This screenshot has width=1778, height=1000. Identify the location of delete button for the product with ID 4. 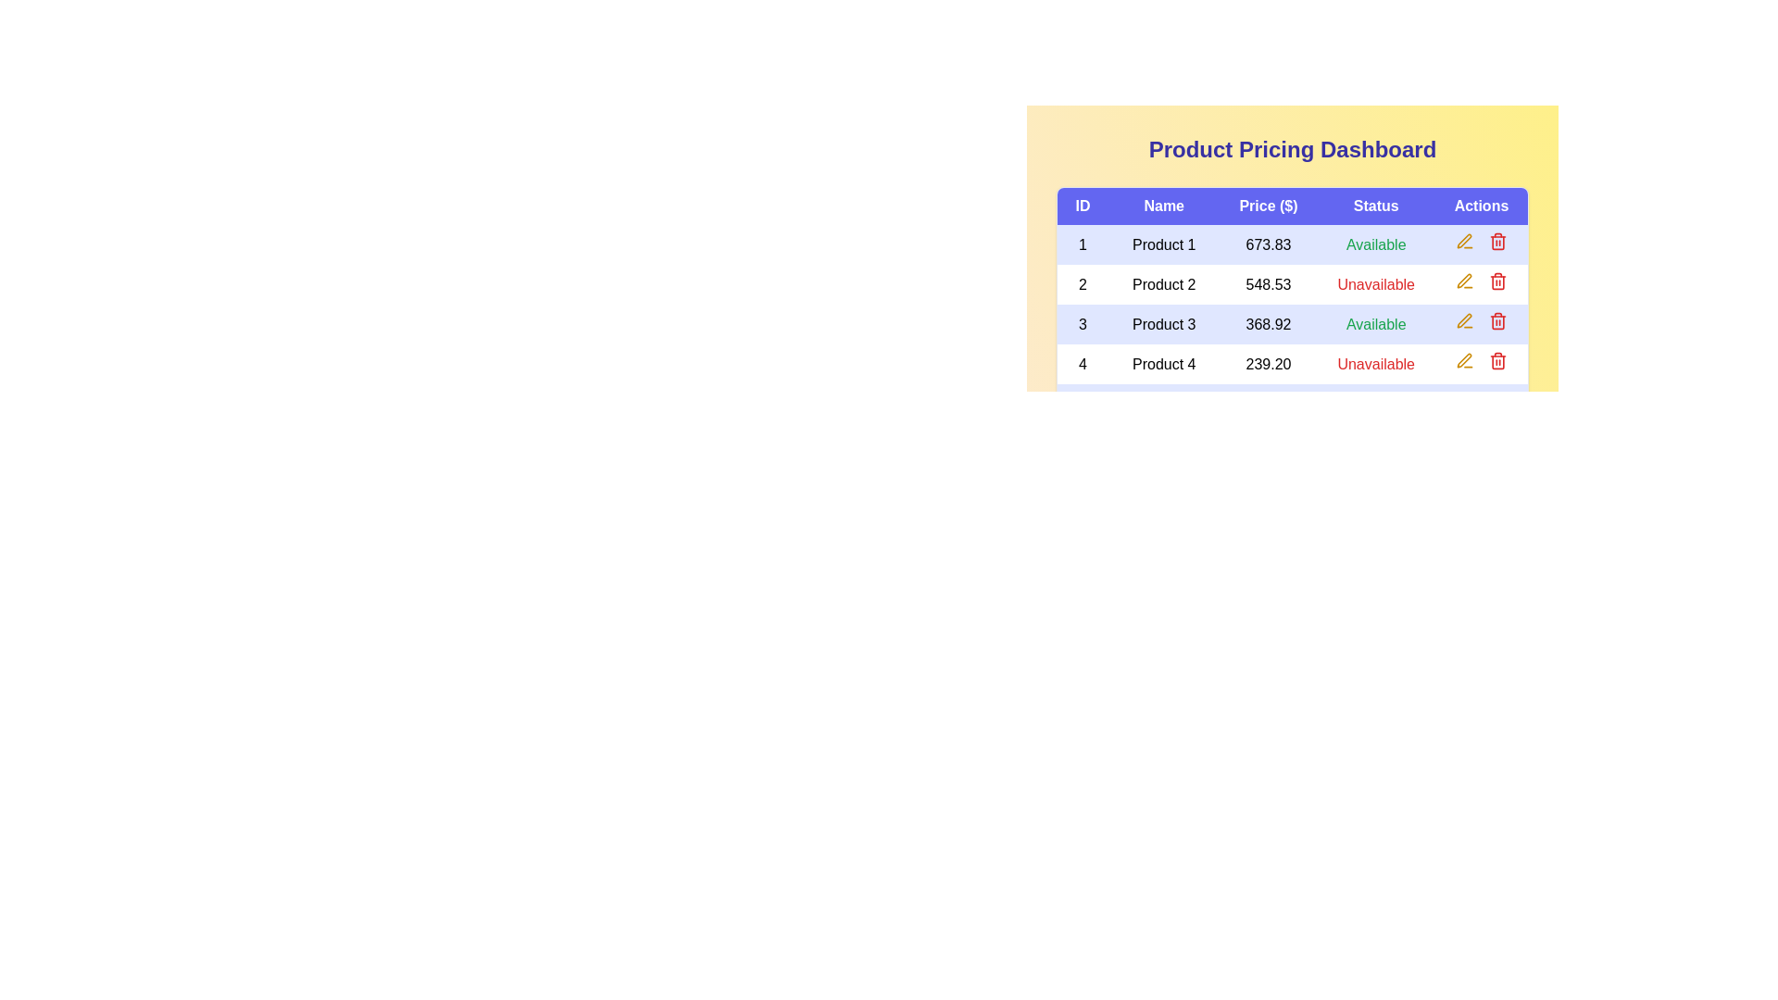
(1497, 360).